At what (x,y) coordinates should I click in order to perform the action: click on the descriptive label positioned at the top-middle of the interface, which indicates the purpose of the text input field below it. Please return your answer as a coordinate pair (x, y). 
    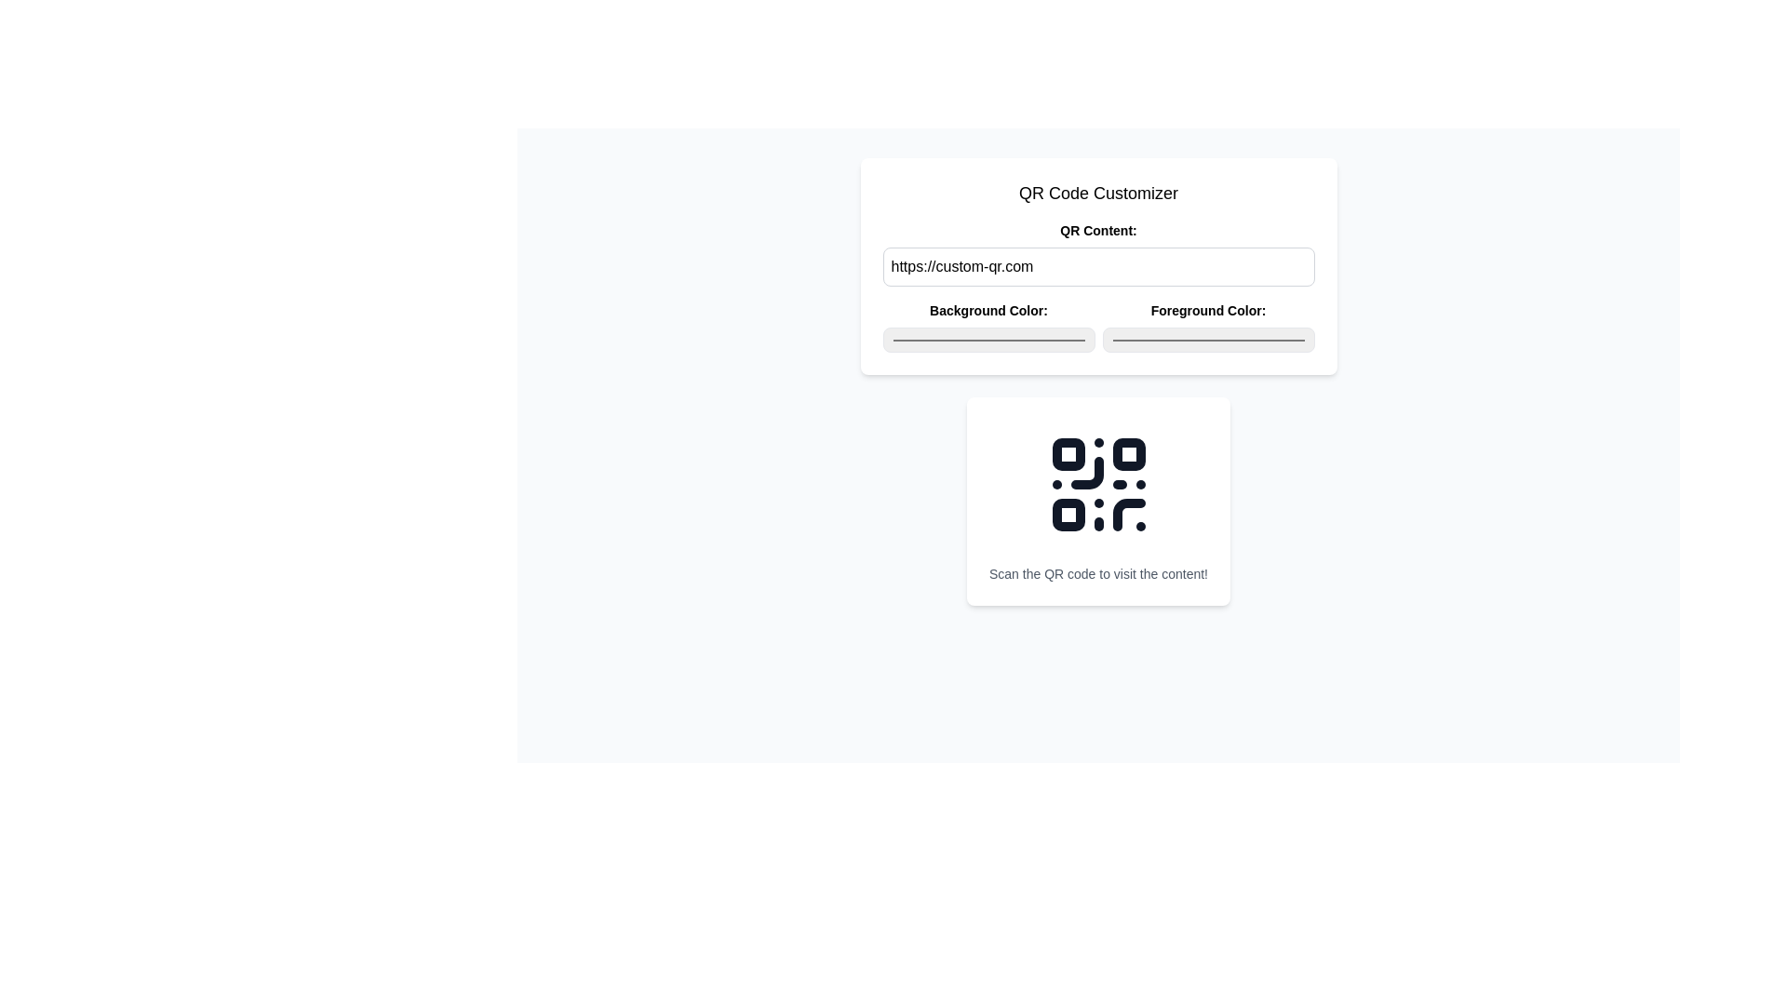
    Looking at the image, I should click on (1098, 229).